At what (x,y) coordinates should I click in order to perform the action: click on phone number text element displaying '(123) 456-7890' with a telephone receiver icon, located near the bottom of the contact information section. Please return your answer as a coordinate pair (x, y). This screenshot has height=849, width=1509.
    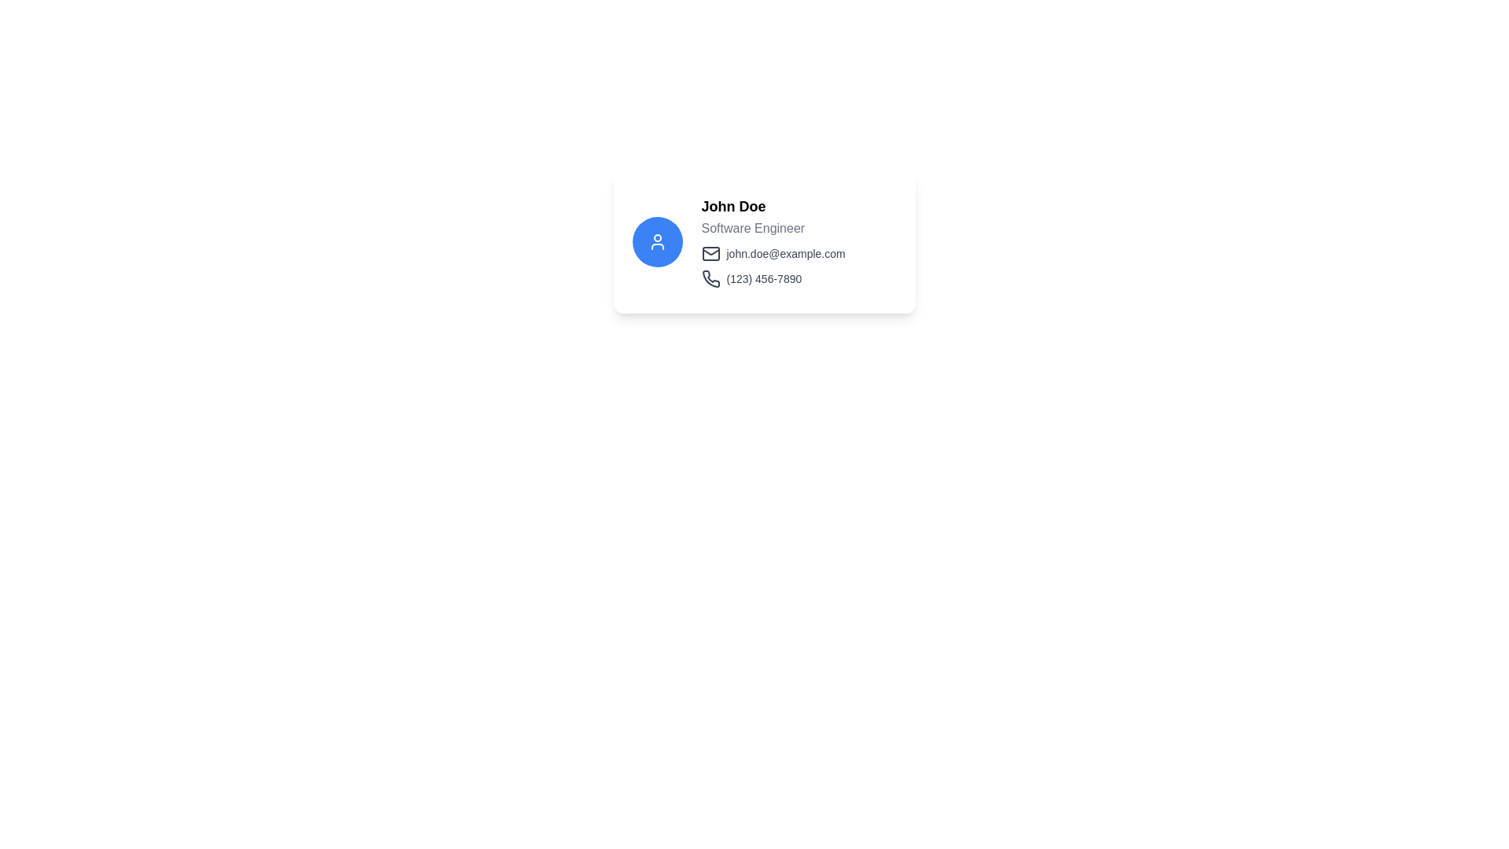
    Looking at the image, I should click on (773, 277).